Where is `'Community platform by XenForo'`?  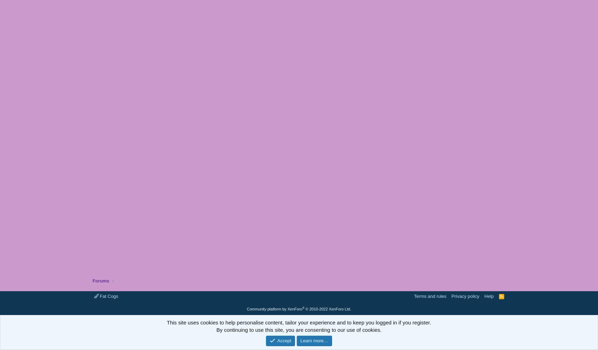
'Community platform by XenForo' is located at coordinates (274, 309).